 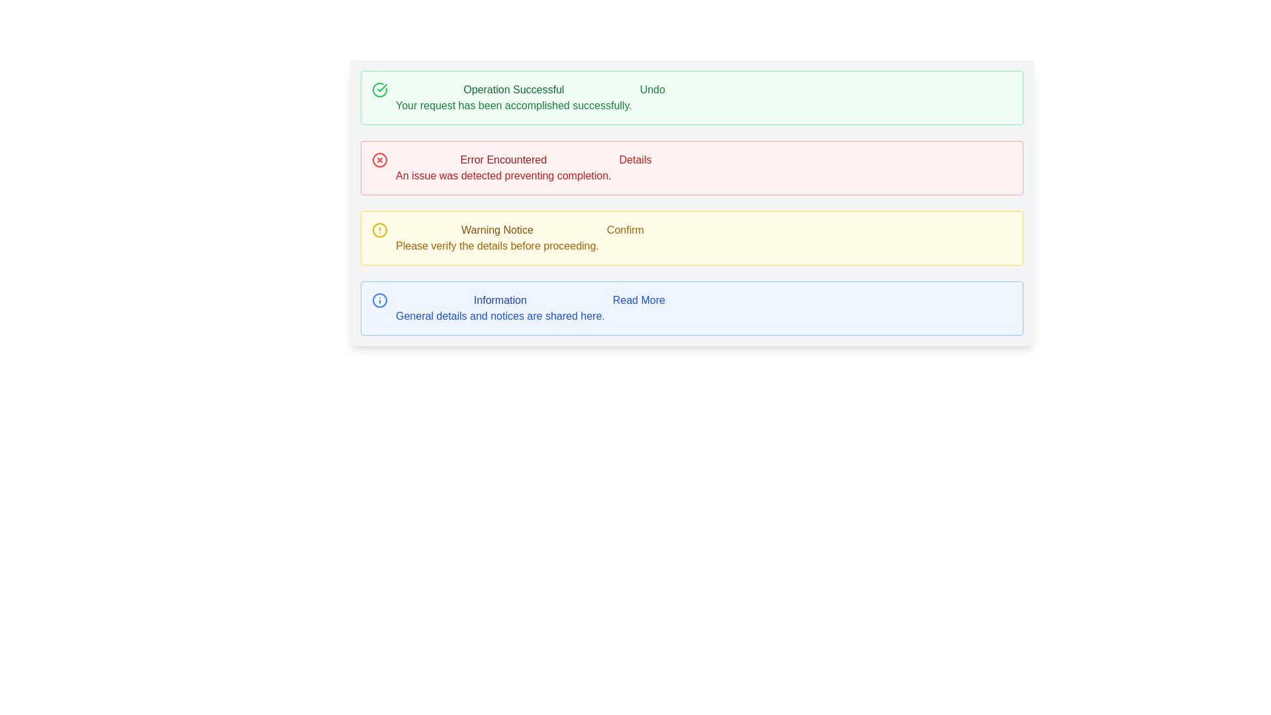 What do you see at coordinates (502, 160) in the screenshot?
I see `error heading text label that indicates the nature of the issue in the second section of status messages` at bounding box center [502, 160].